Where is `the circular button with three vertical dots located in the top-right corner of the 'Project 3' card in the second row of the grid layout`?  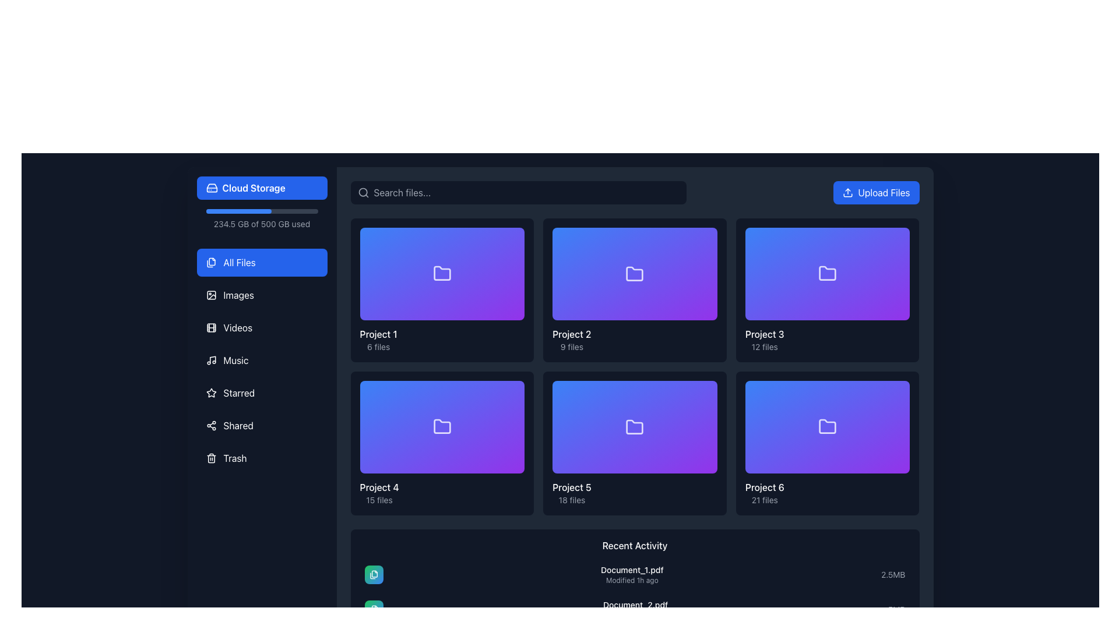 the circular button with three vertical dots located in the top-right corner of the 'Project 3' card in the second row of the grid layout is located at coordinates (898, 239).